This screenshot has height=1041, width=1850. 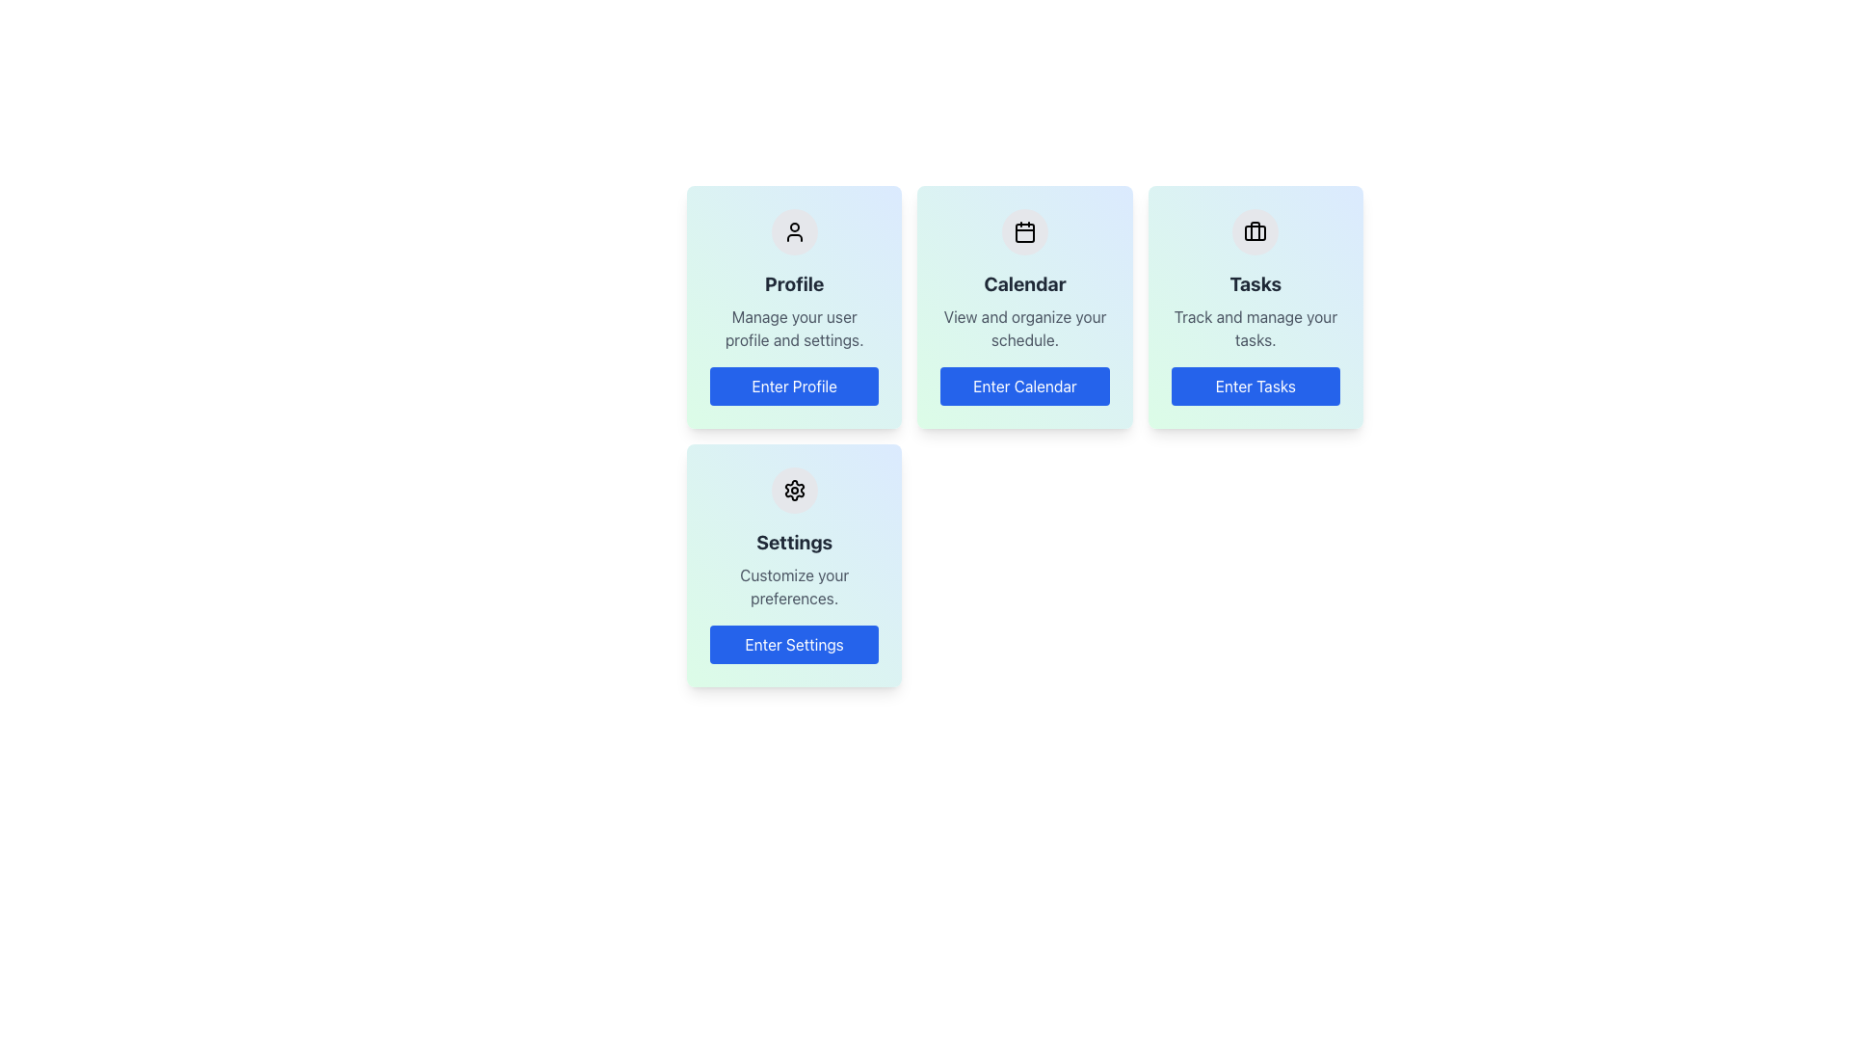 What do you see at coordinates (794, 230) in the screenshot?
I see `the 'Profile' icon located at the top of the 'Profile' card, which symbolizes user account features` at bounding box center [794, 230].